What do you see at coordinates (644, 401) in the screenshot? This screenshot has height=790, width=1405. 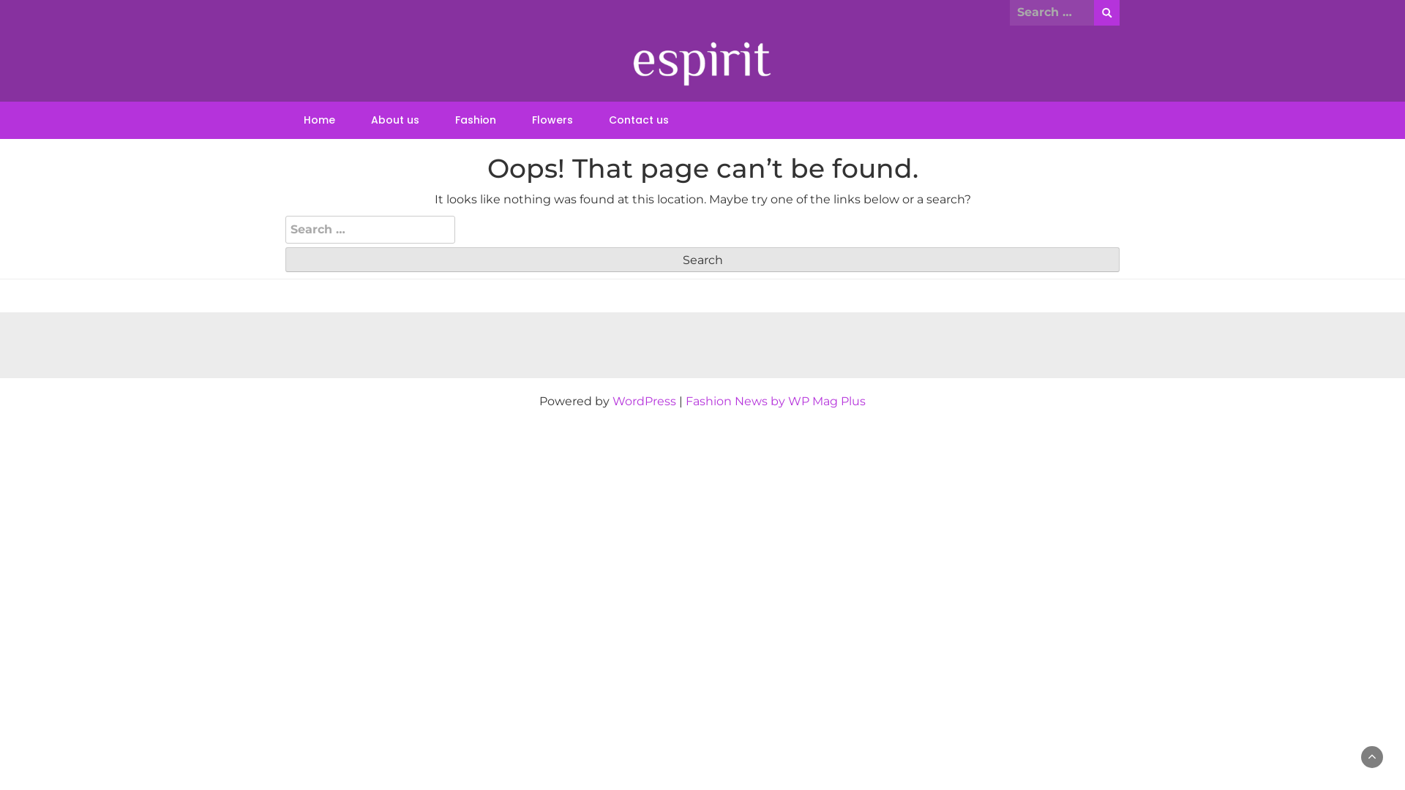 I see `'WordPress'` at bounding box center [644, 401].